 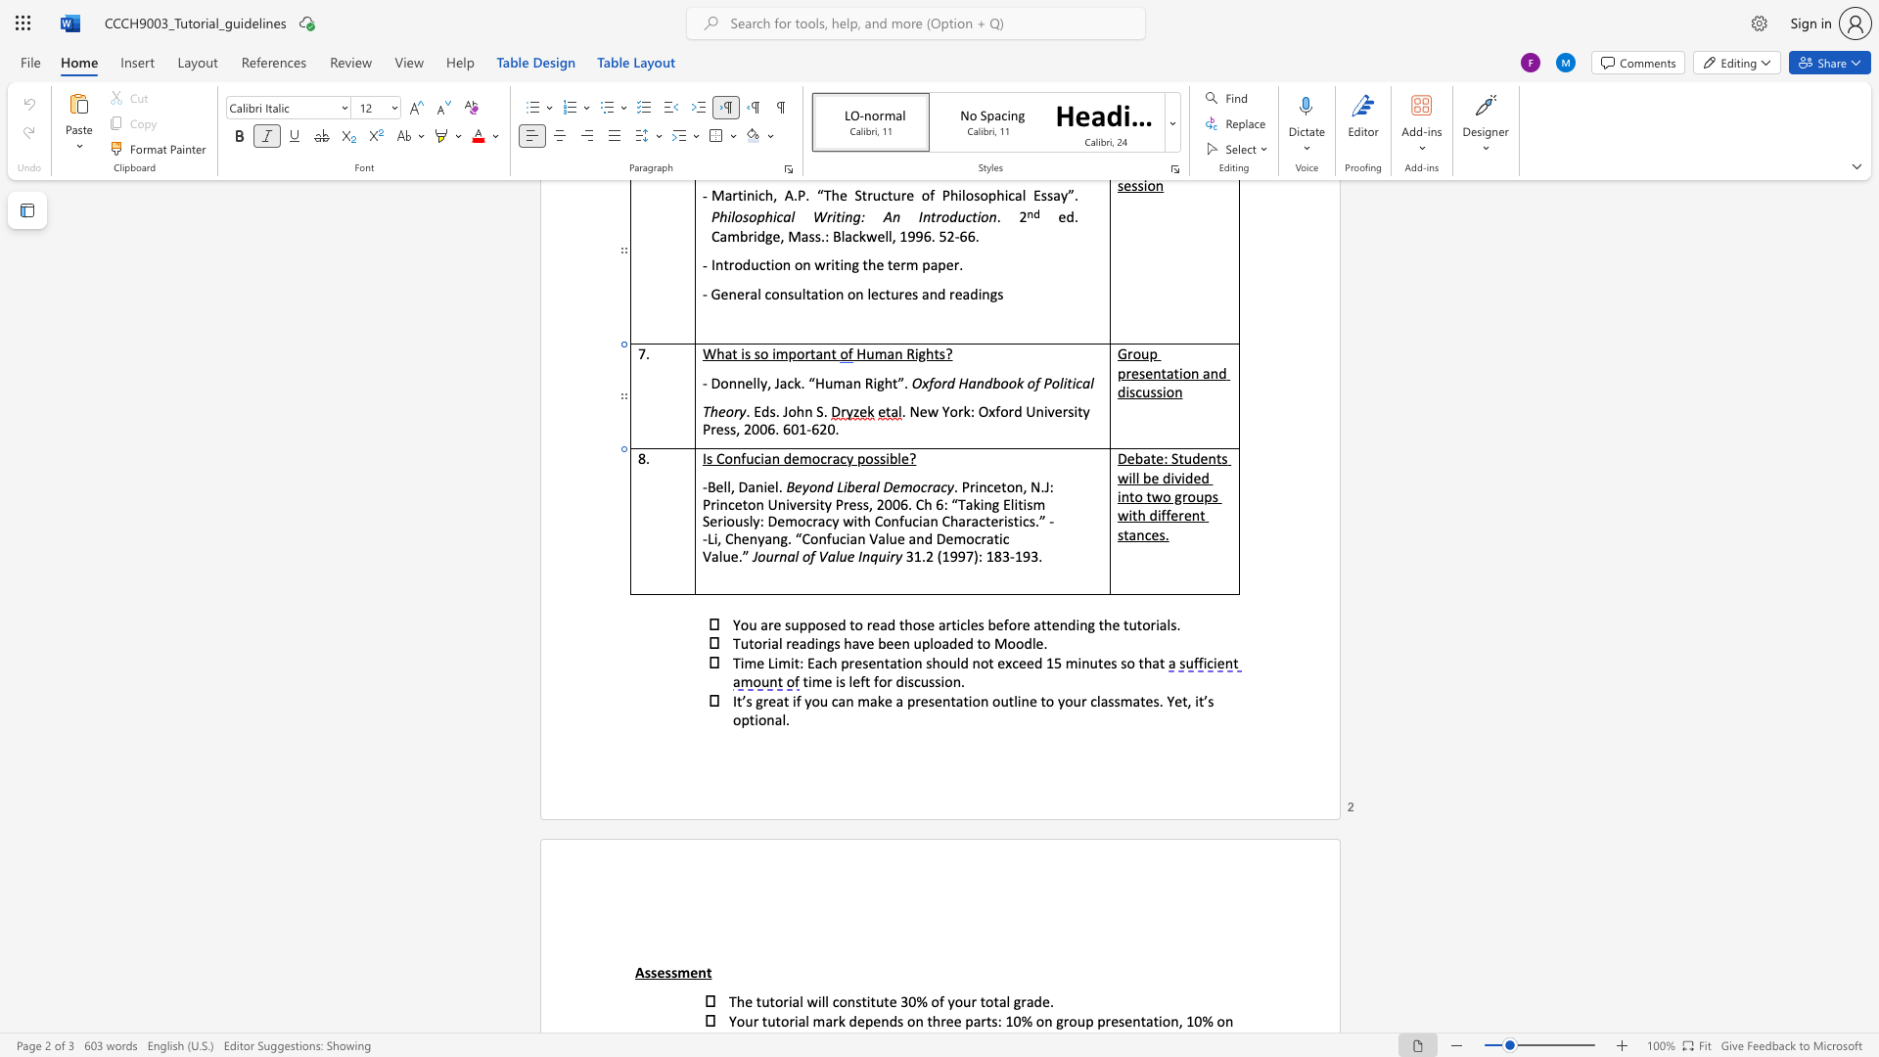 What do you see at coordinates (1139, 624) in the screenshot?
I see `the 8th character "t" in the text` at bounding box center [1139, 624].